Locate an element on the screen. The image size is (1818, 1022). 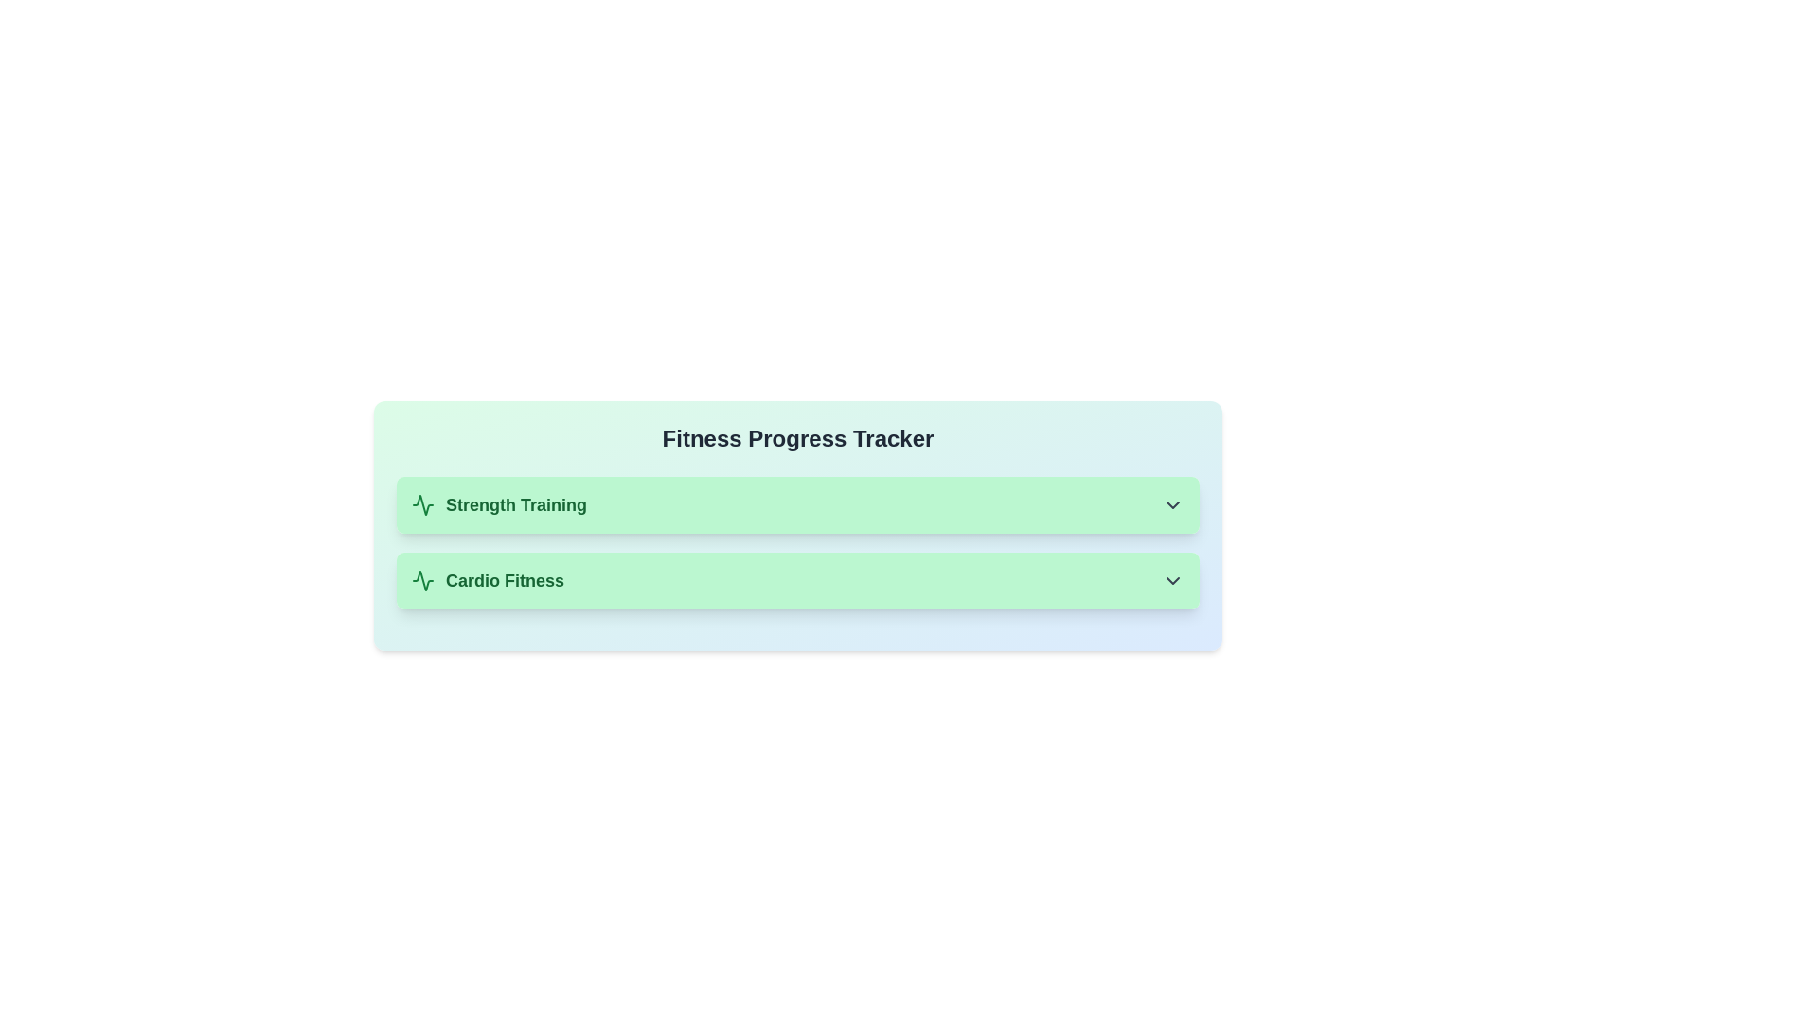
the dropdown toggle button (arrow icon) in the top-right corner of the 'Cardio Fitness' section is located at coordinates (1171, 579).